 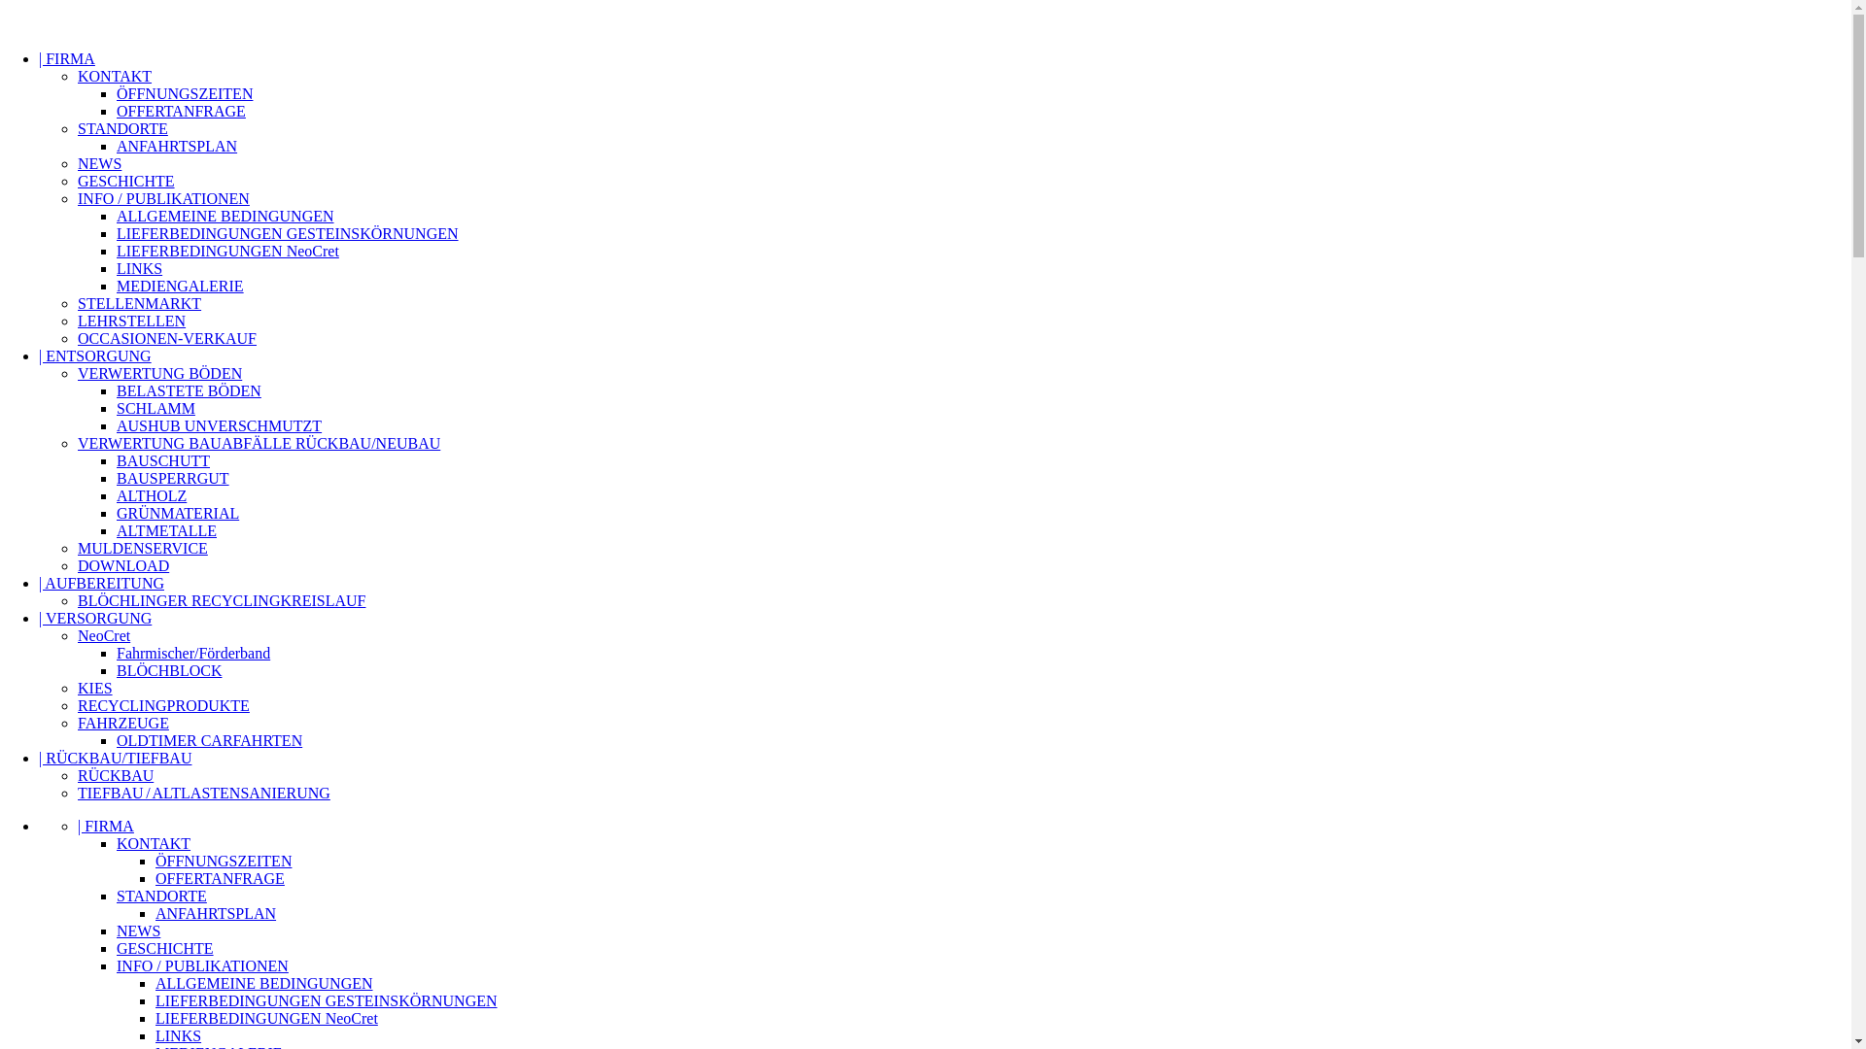 I want to click on 'LIEFERBEDINGUNGEN NeoCret', so click(x=227, y=250).